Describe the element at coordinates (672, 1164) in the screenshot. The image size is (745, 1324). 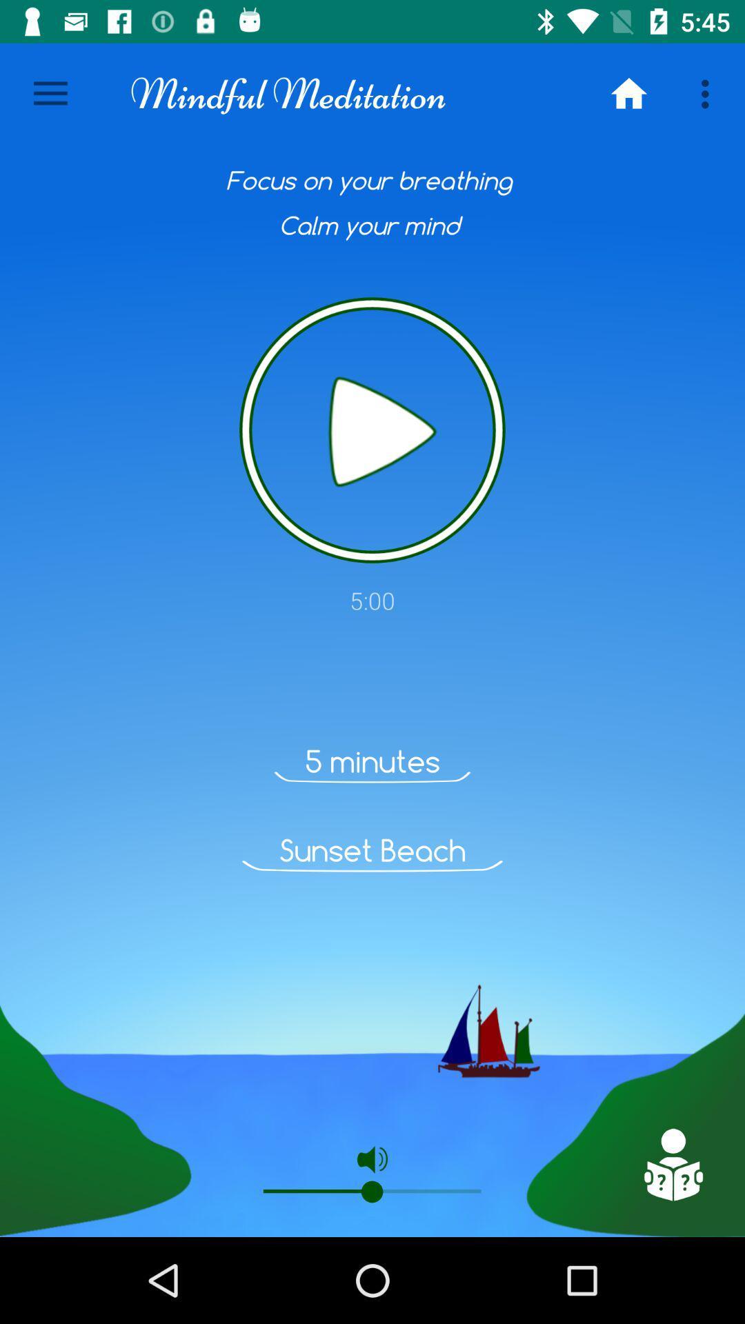
I see `the item at the bottom right corner` at that location.